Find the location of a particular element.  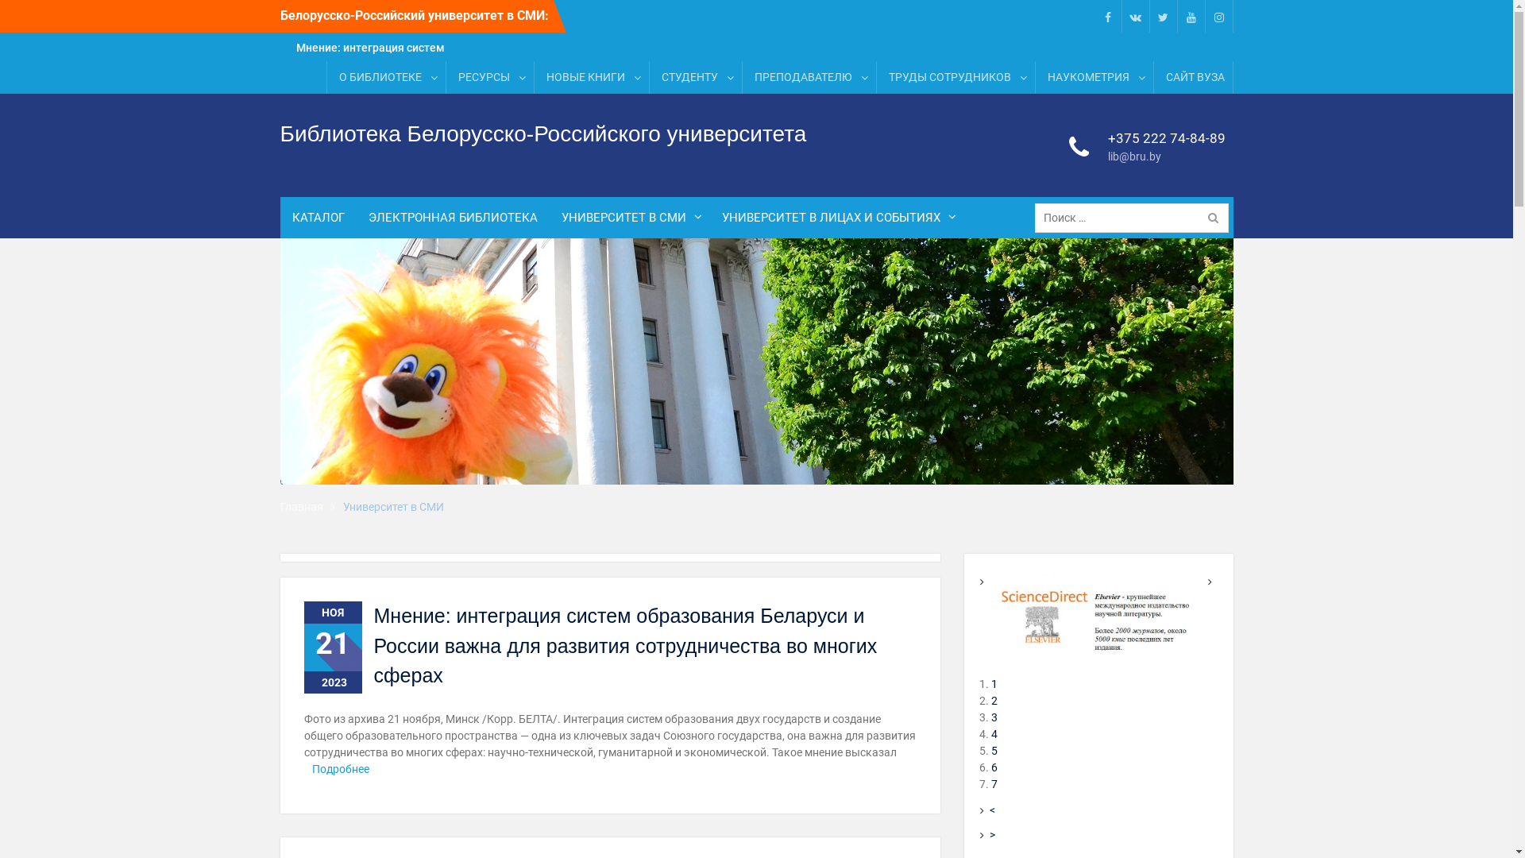

'1' is located at coordinates (994, 682).